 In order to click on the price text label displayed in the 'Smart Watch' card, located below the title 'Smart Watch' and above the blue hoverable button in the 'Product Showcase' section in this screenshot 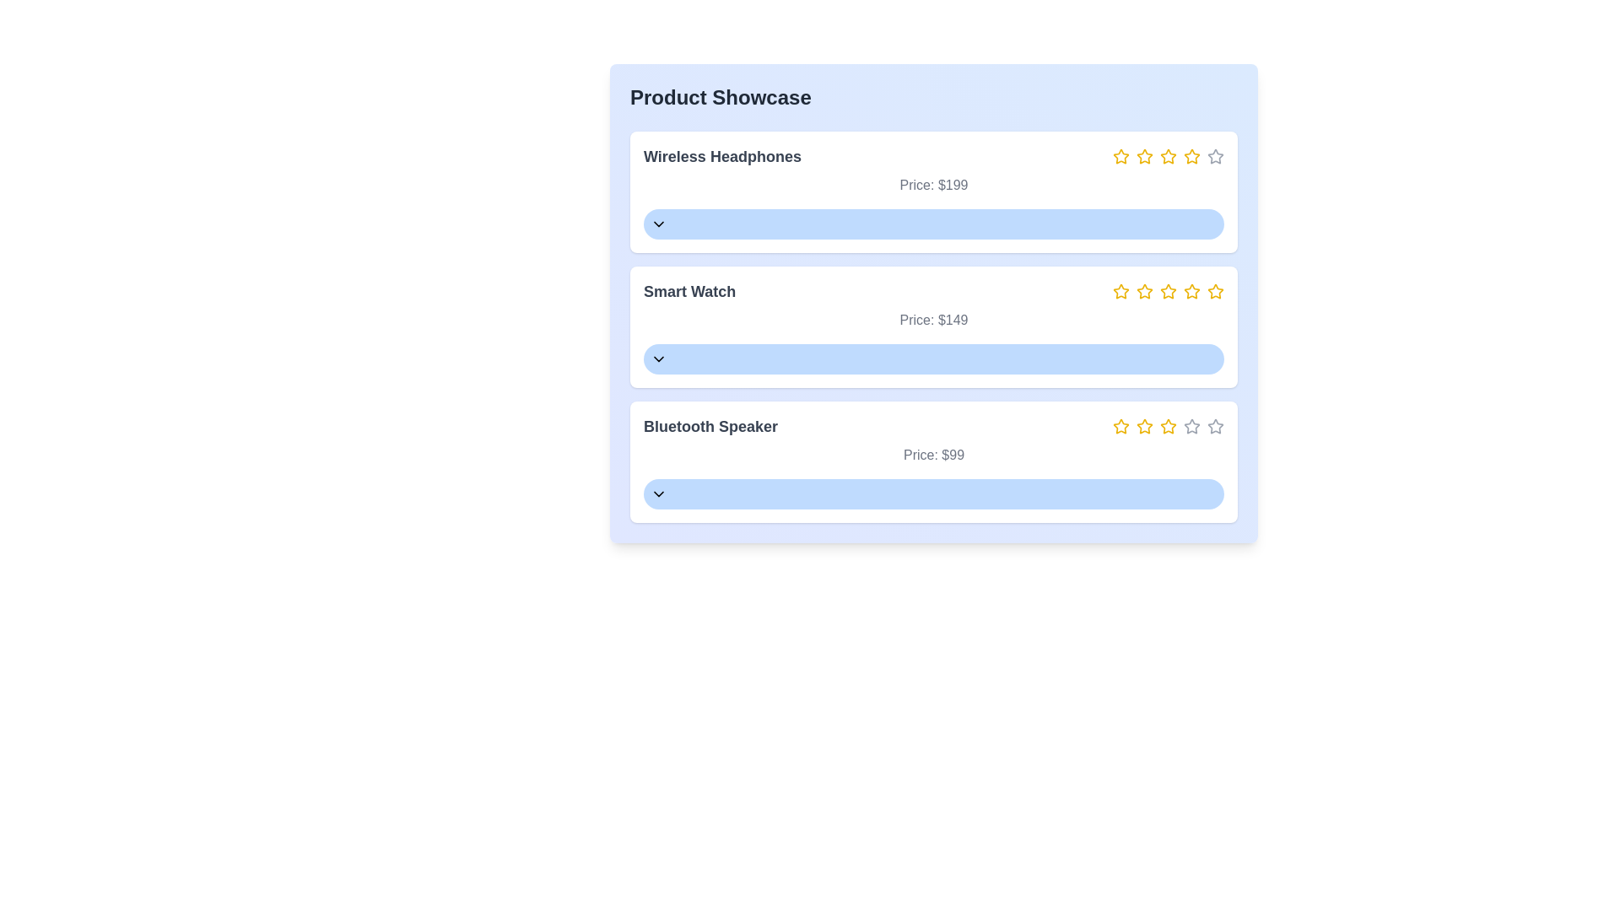, I will do `click(933, 321)`.